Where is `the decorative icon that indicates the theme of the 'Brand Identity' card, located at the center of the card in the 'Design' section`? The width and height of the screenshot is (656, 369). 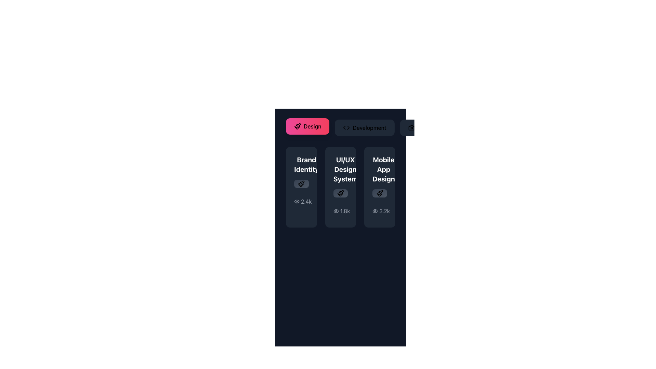 the decorative icon that indicates the theme of the 'Brand Identity' card, located at the center of the card in the 'Design' section is located at coordinates (301, 183).